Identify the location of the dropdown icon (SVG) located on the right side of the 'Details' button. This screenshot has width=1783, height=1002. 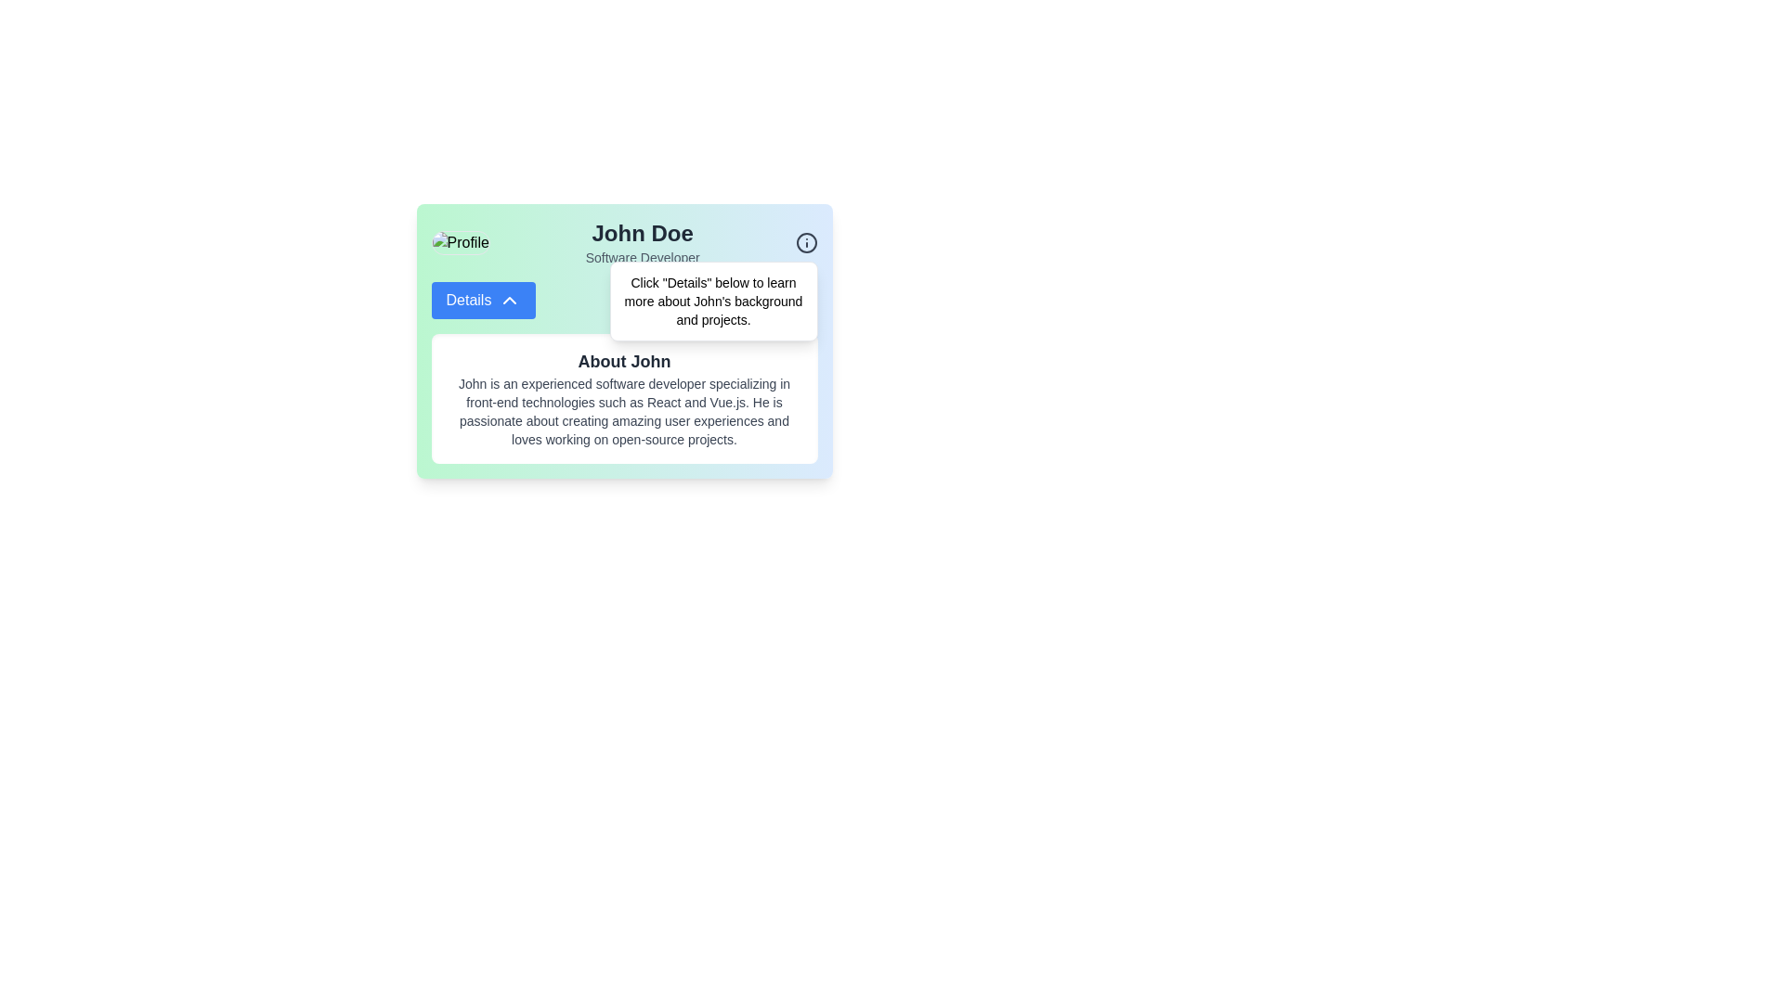
(510, 300).